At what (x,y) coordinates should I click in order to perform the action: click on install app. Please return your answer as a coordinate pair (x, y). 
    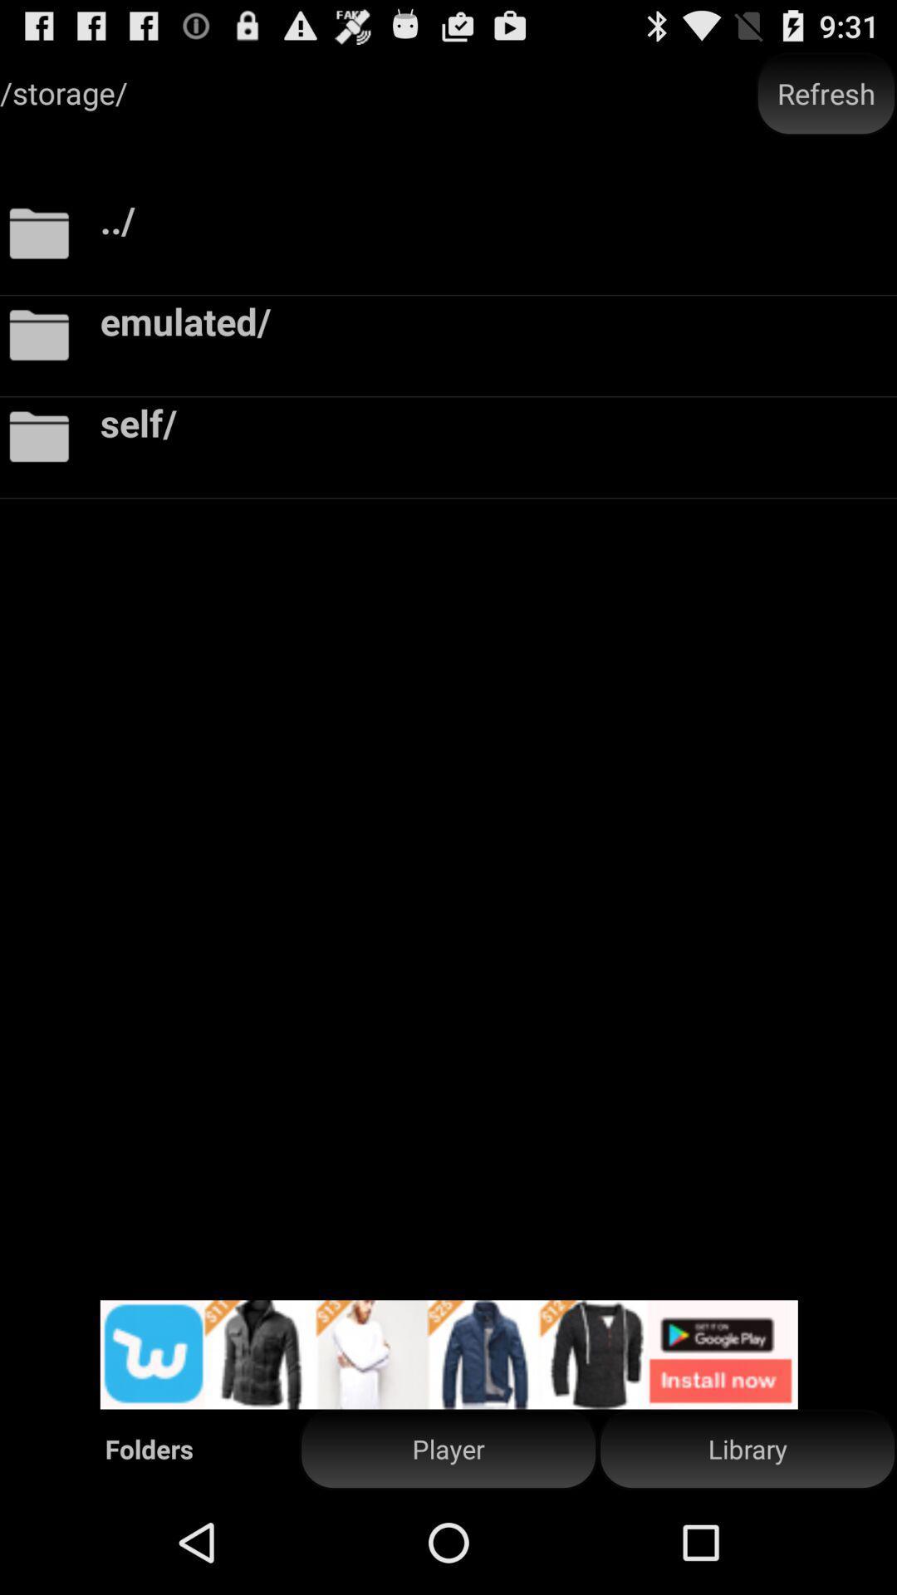
    Looking at the image, I should click on (448, 1354).